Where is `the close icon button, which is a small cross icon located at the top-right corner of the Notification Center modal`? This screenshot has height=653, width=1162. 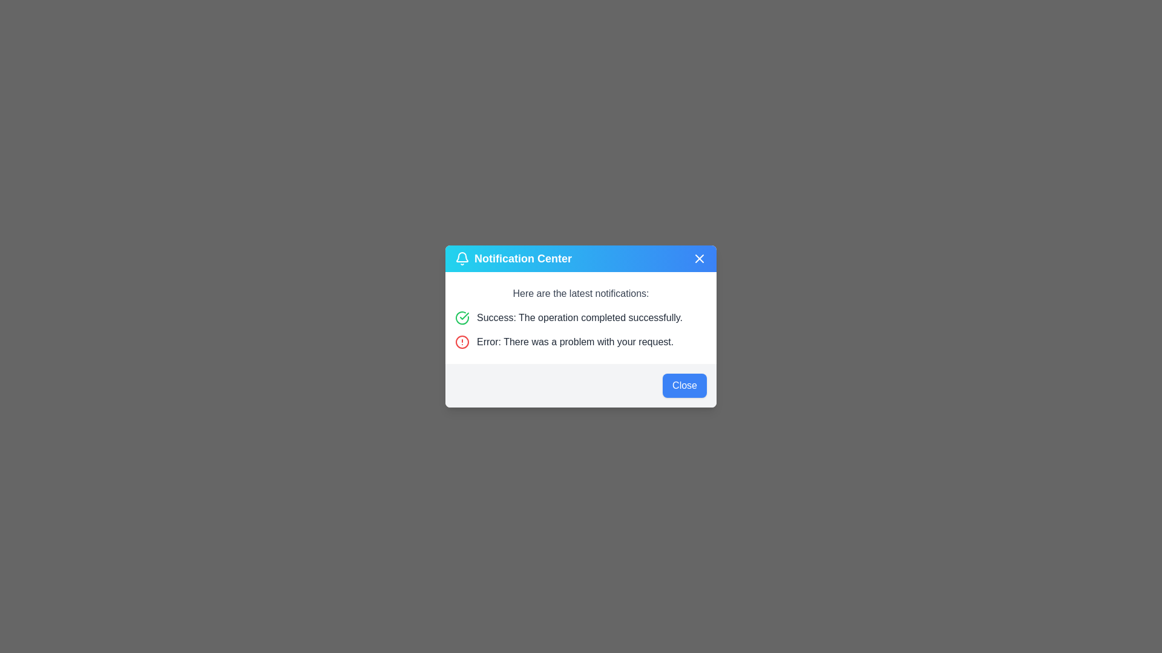 the close icon button, which is a small cross icon located at the top-right corner of the Notification Center modal is located at coordinates (700, 258).